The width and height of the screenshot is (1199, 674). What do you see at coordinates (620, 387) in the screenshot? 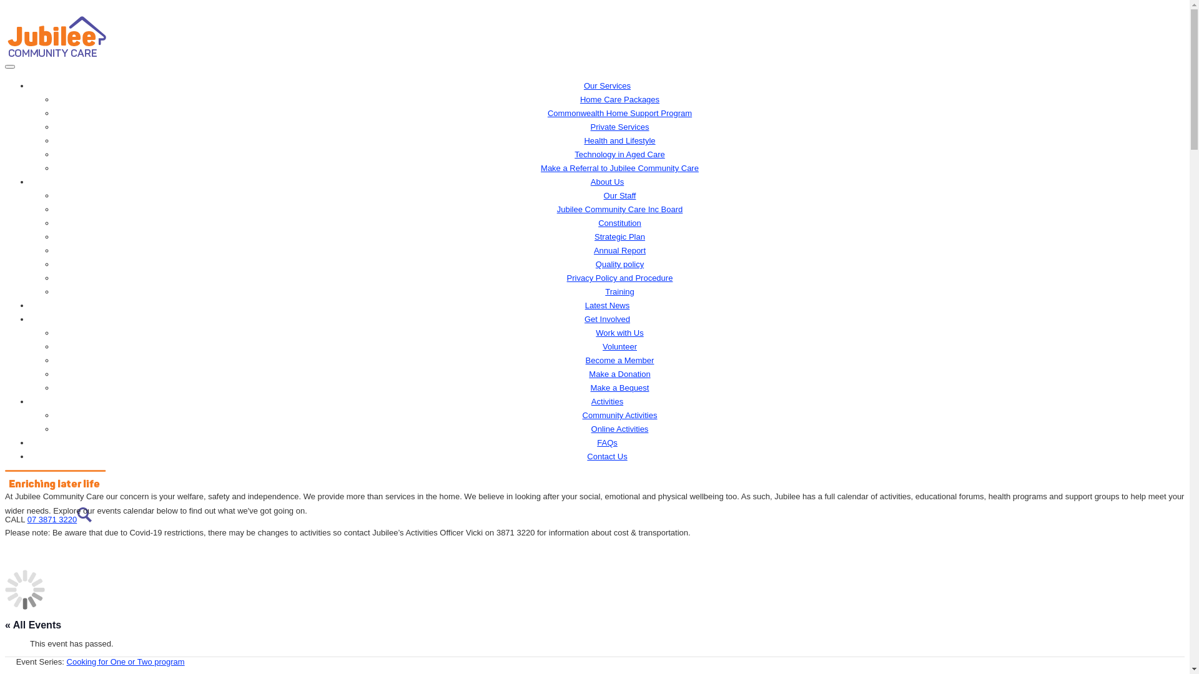
I see `'Make a Bequest'` at bounding box center [620, 387].